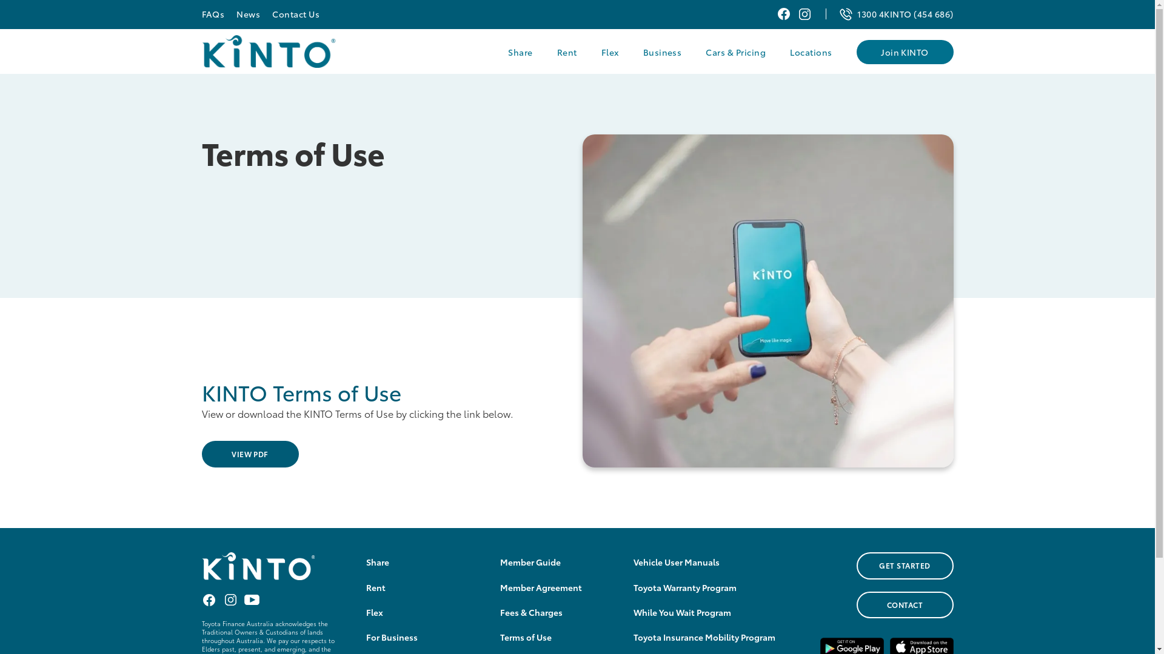 The height and width of the screenshot is (654, 1164). Describe the element at coordinates (610, 51) in the screenshot. I see `'Flex'` at that location.